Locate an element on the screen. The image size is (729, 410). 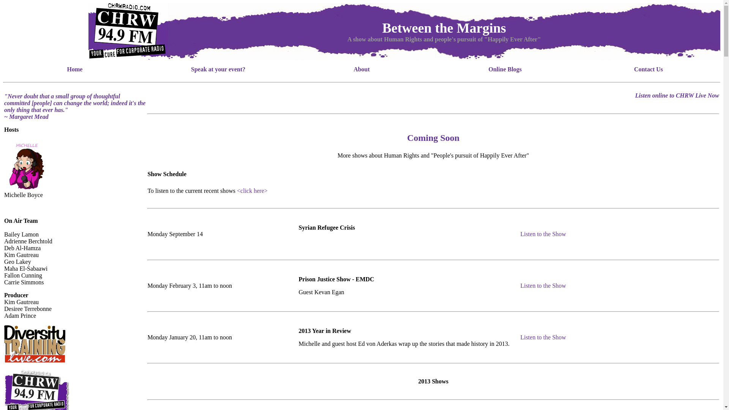
'Online Blogs' is located at coordinates (505, 69).